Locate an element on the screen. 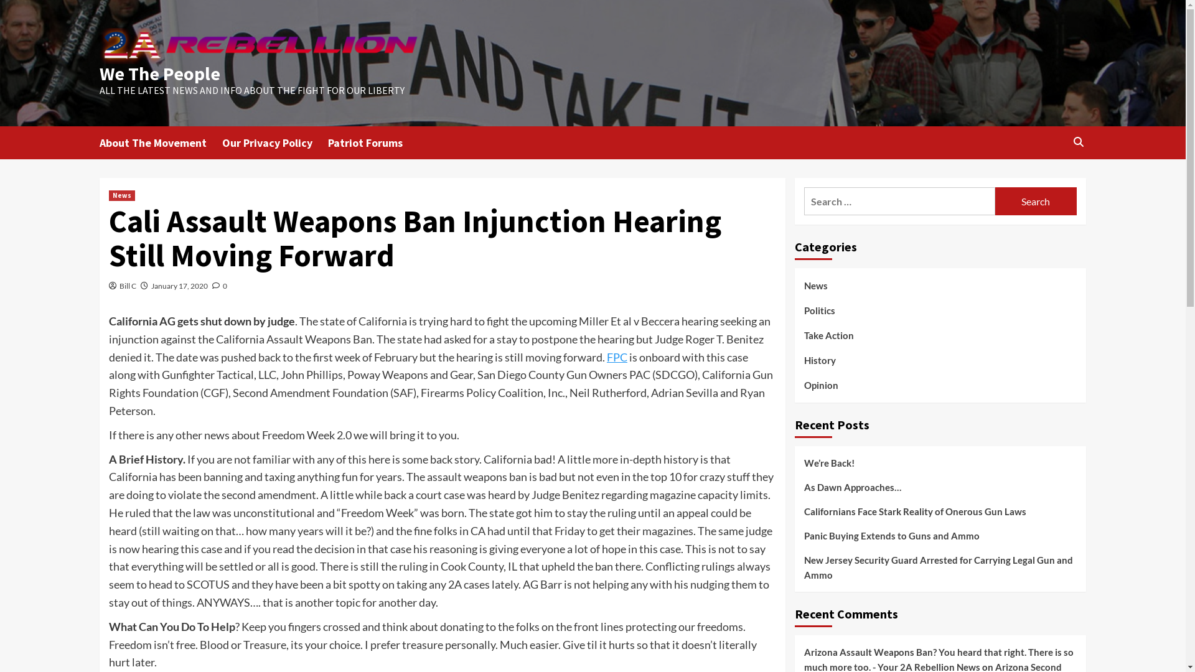 This screenshot has width=1195, height=672. 'Patriot Forums' is located at coordinates (372, 142).